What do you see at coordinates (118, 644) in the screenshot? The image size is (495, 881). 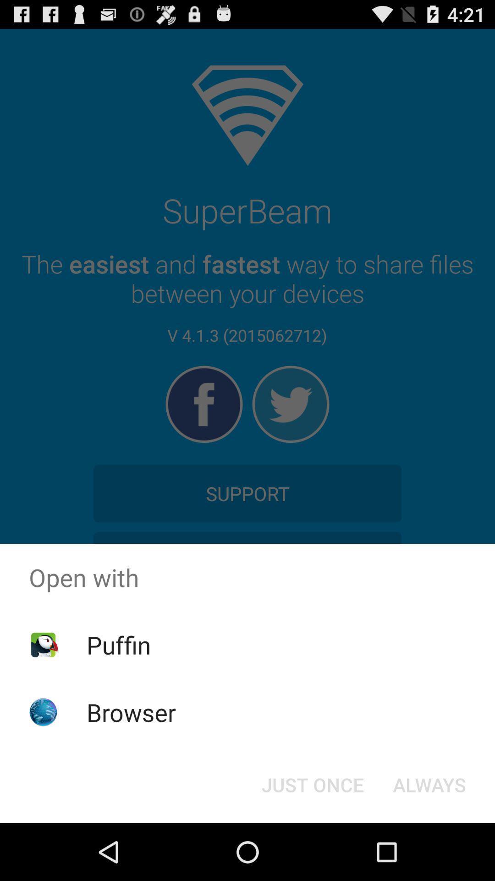 I see `the app below open with` at bounding box center [118, 644].